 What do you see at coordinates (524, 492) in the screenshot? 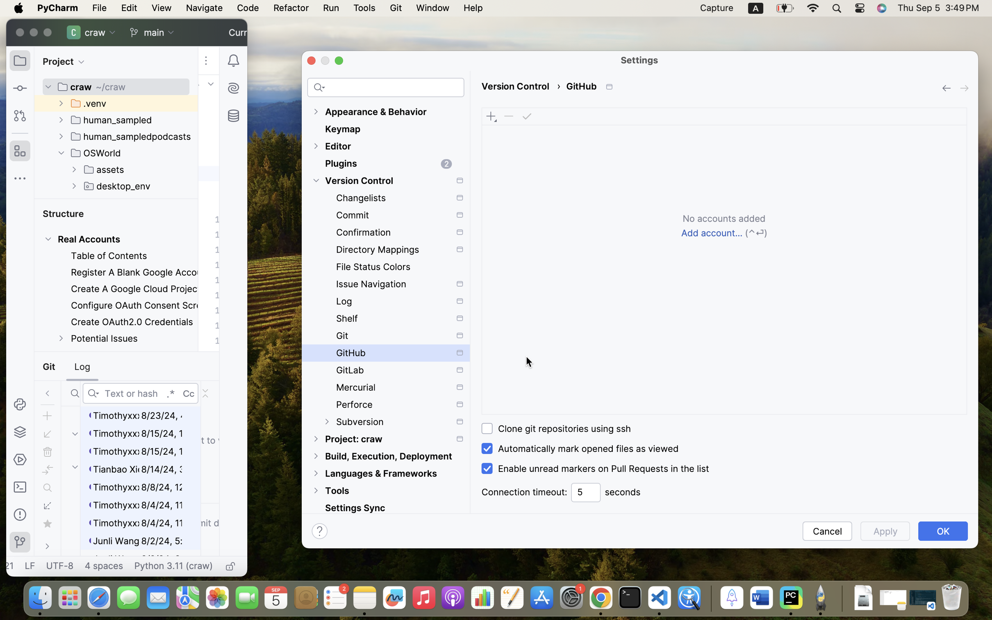
I see `'Connection timeout:'` at bounding box center [524, 492].